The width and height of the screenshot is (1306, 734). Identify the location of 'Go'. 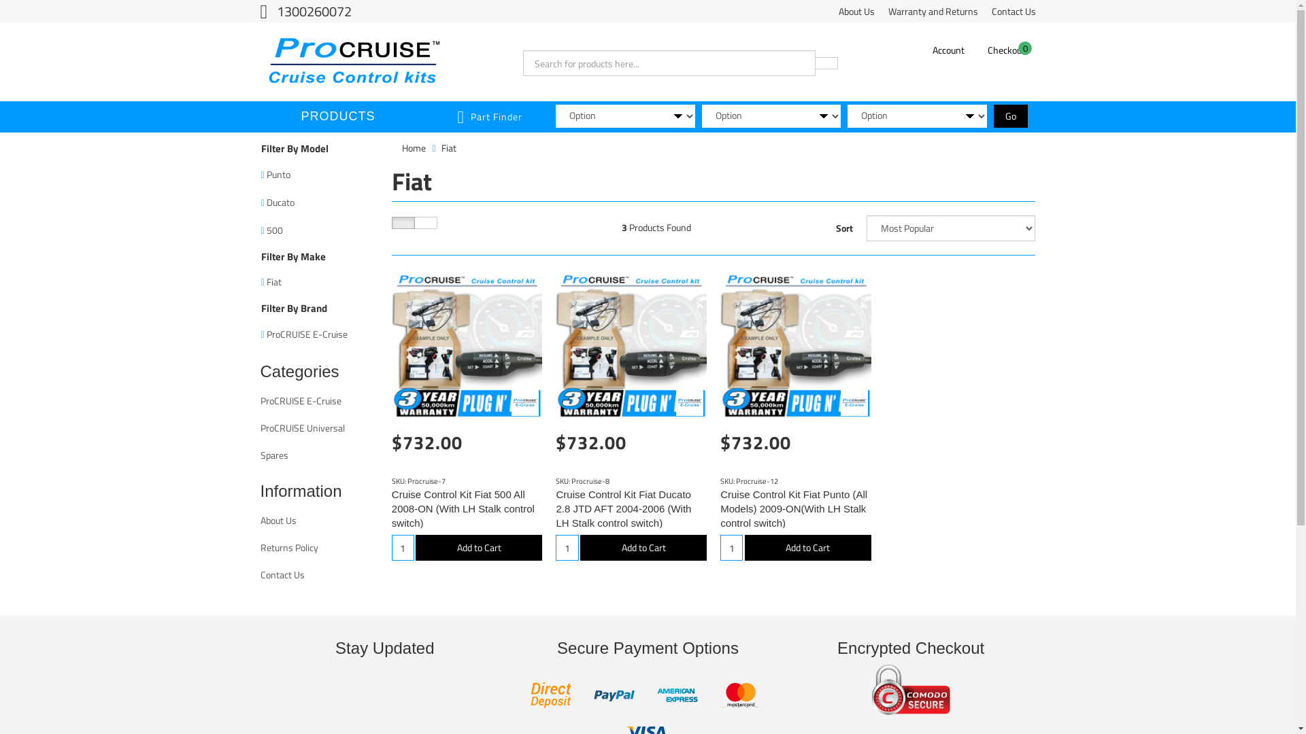
(1011, 115).